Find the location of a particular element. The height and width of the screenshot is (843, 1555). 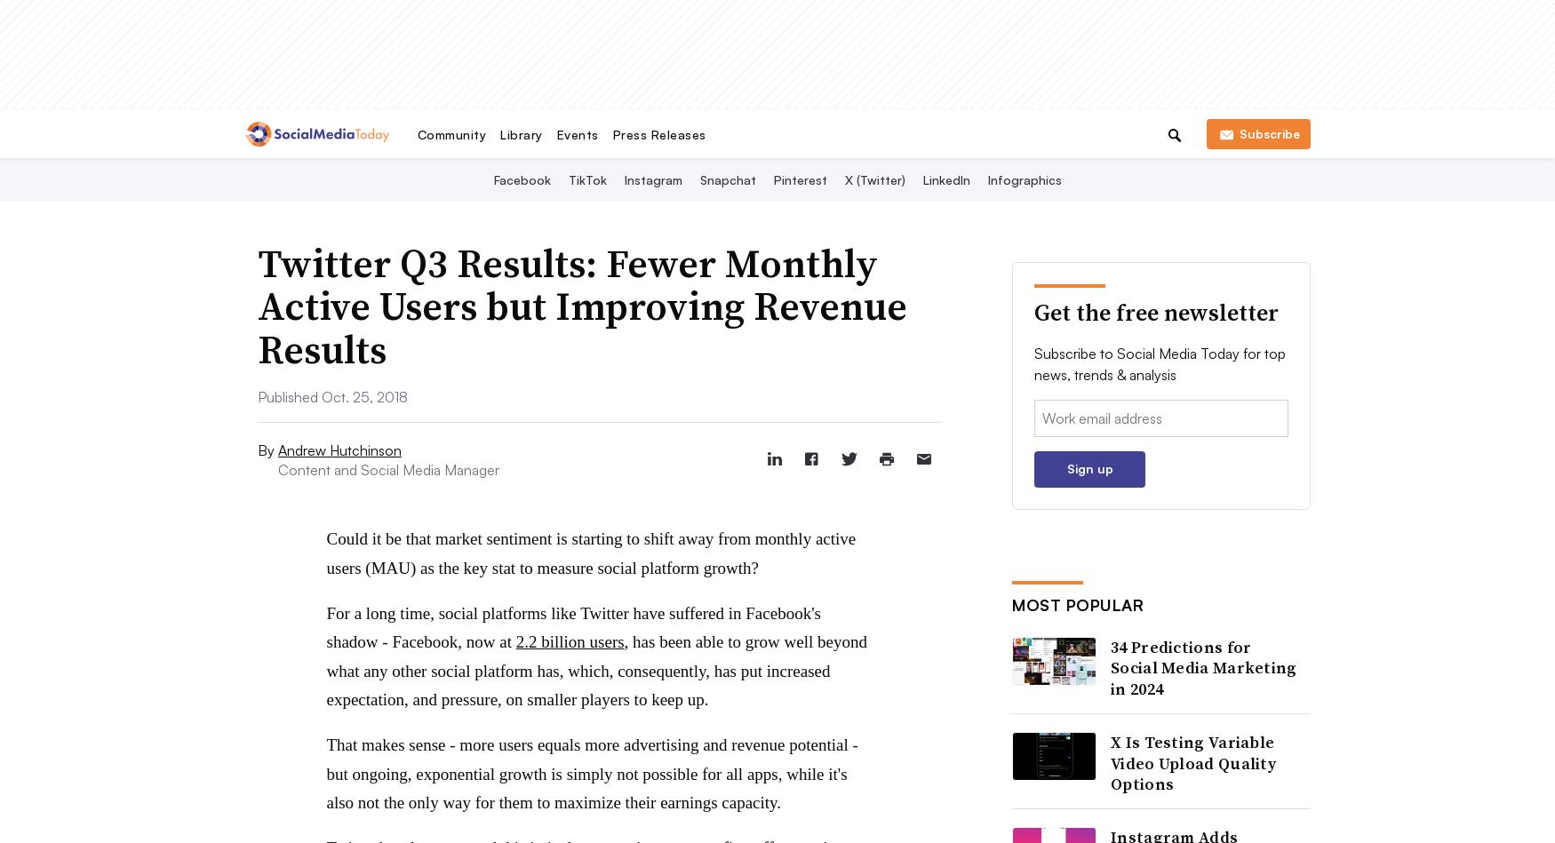

'Topics' is located at coordinates (740, 44).